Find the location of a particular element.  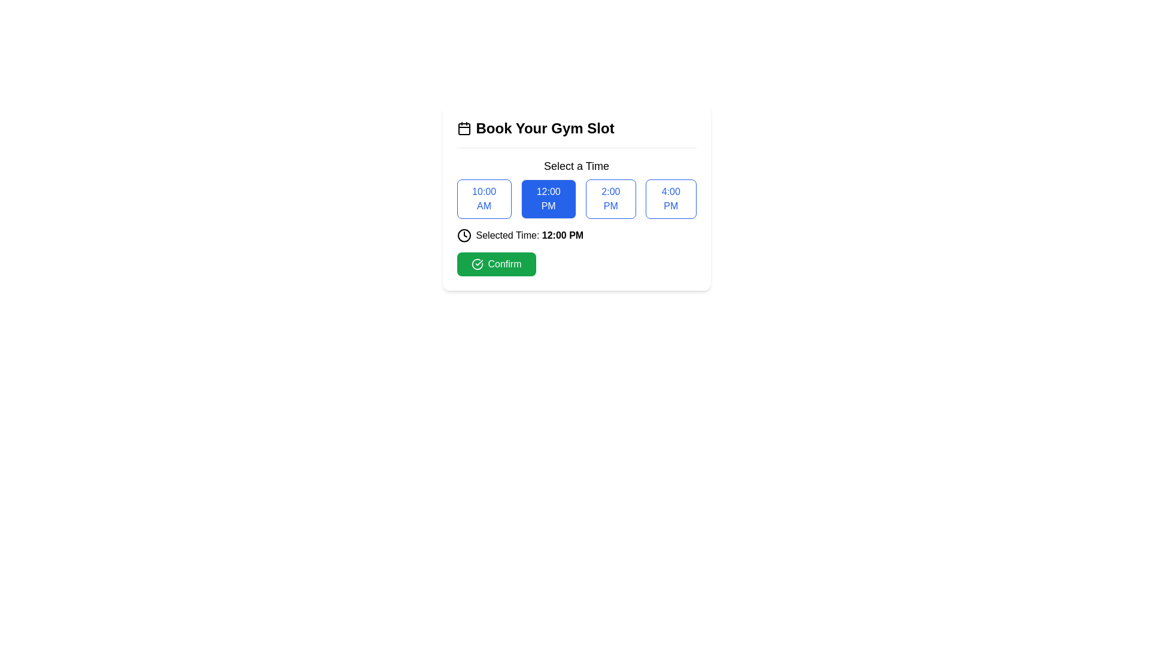

the Time selection button displaying '12:00 PM', which is the second button in the row of time slots is located at coordinates (576, 197).